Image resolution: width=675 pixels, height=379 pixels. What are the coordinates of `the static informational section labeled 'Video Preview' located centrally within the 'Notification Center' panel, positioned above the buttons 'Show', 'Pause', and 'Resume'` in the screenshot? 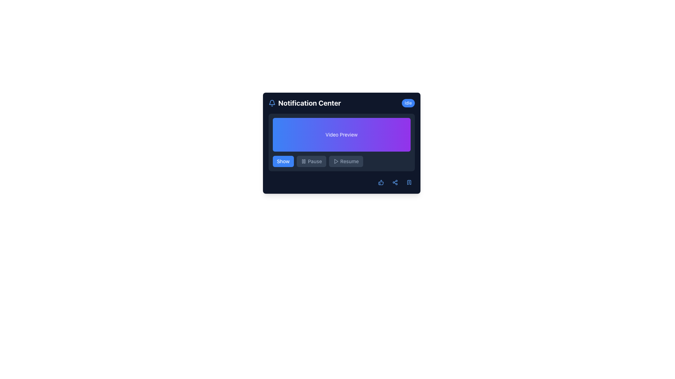 It's located at (341, 135).